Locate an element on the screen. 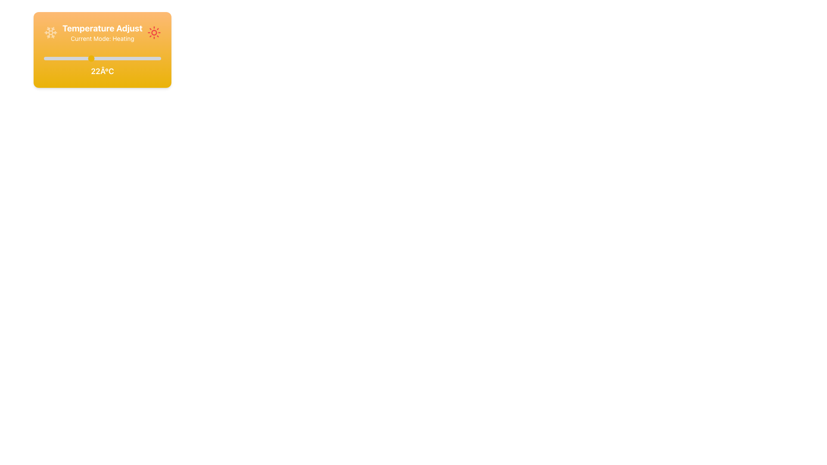 The width and height of the screenshot is (827, 465). the Interactive temperature control interface, which has a gradient background from orange to yellow and displays 'Temperature Adjust' and 'Current Mode: Heating' is located at coordinates (103, 50).